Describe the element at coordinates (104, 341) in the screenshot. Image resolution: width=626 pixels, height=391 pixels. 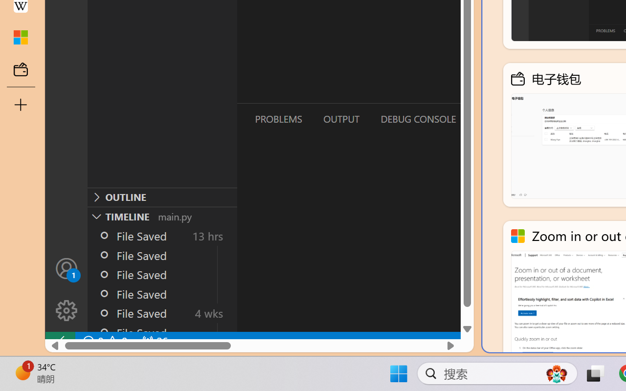
I see `'No Problems'` at that location.